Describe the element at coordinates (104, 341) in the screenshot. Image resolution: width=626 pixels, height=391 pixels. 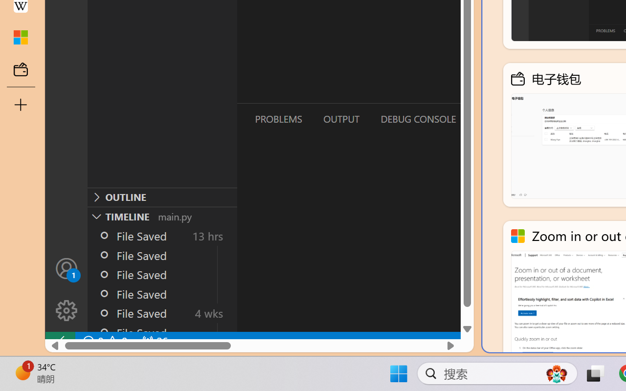
I see `'No Problems'` at that location.